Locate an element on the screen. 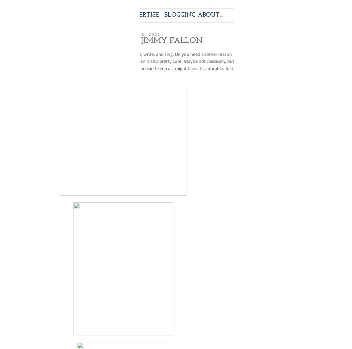  'up and can't keep a straight face. It's adorable. Just look at that face...' is located at coordinates (123, 72).